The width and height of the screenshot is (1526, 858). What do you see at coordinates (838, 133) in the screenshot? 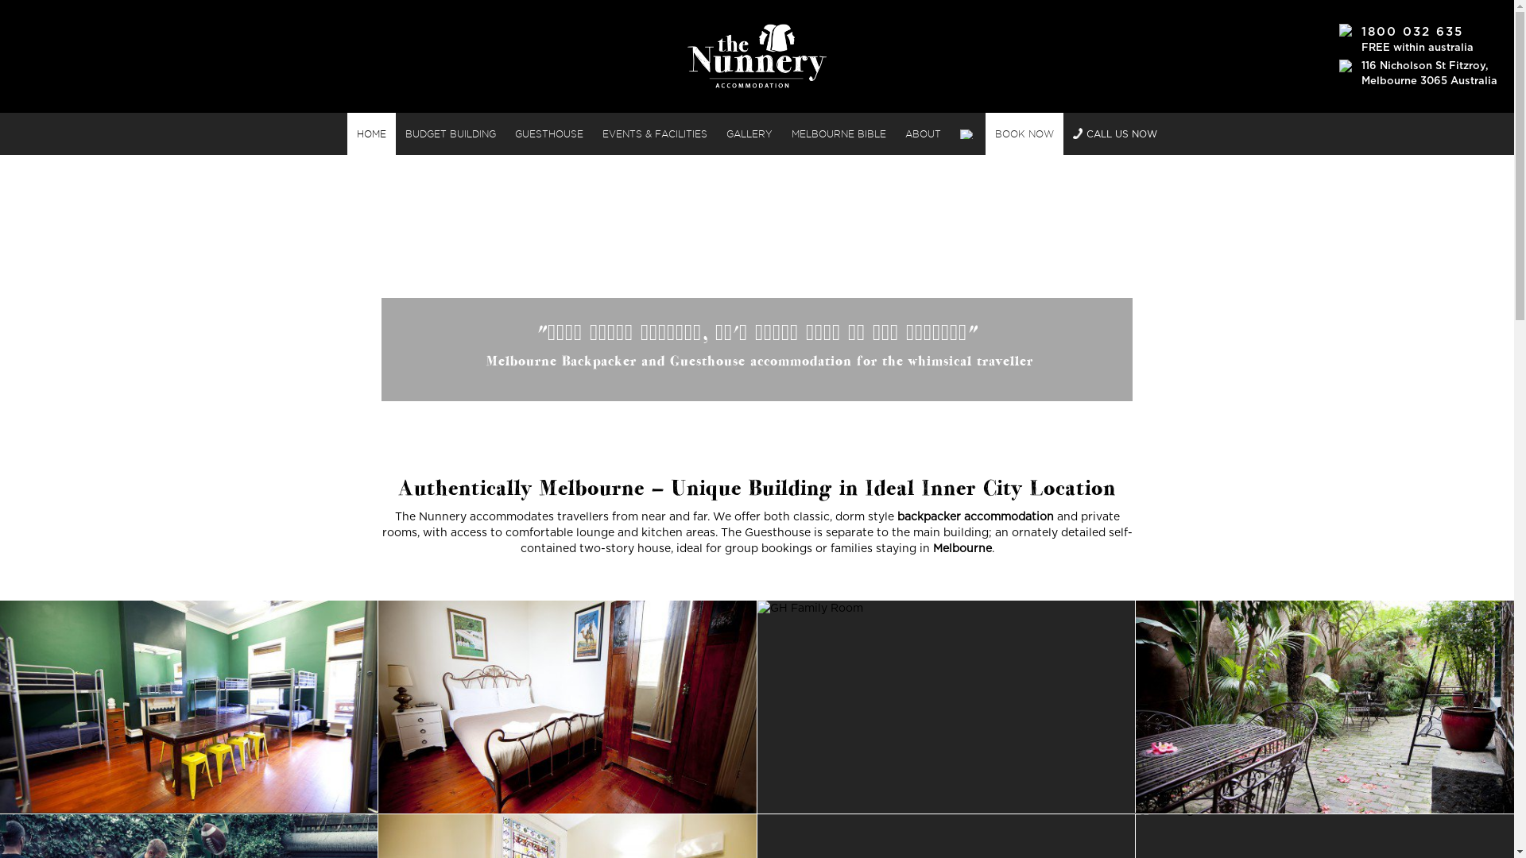
I see `'MELBOURNE BIBLE'` at bounding box center [838, 133].